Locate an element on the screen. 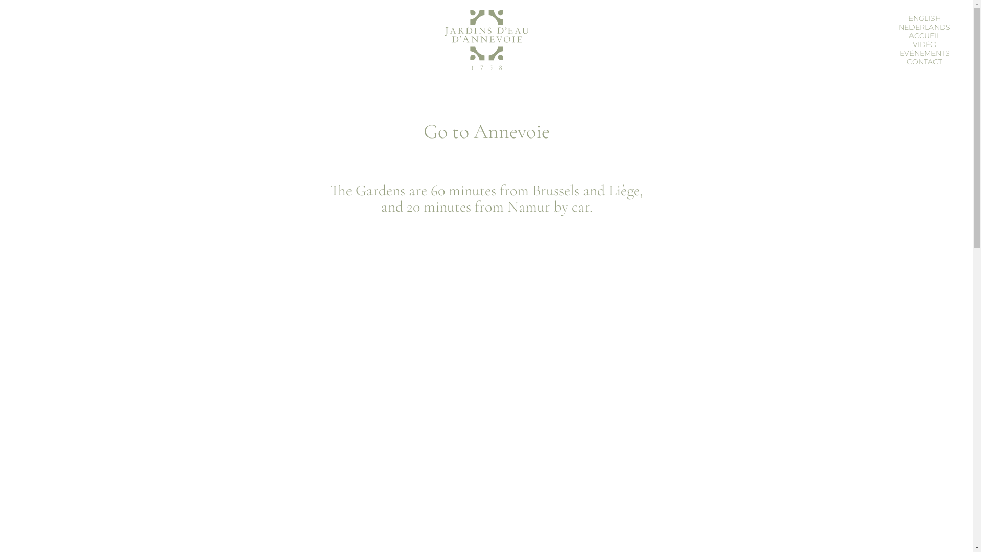 The width and height of the screenshot is (981, 552). 'ACCUEIL' is located at coordinates (924, 35).